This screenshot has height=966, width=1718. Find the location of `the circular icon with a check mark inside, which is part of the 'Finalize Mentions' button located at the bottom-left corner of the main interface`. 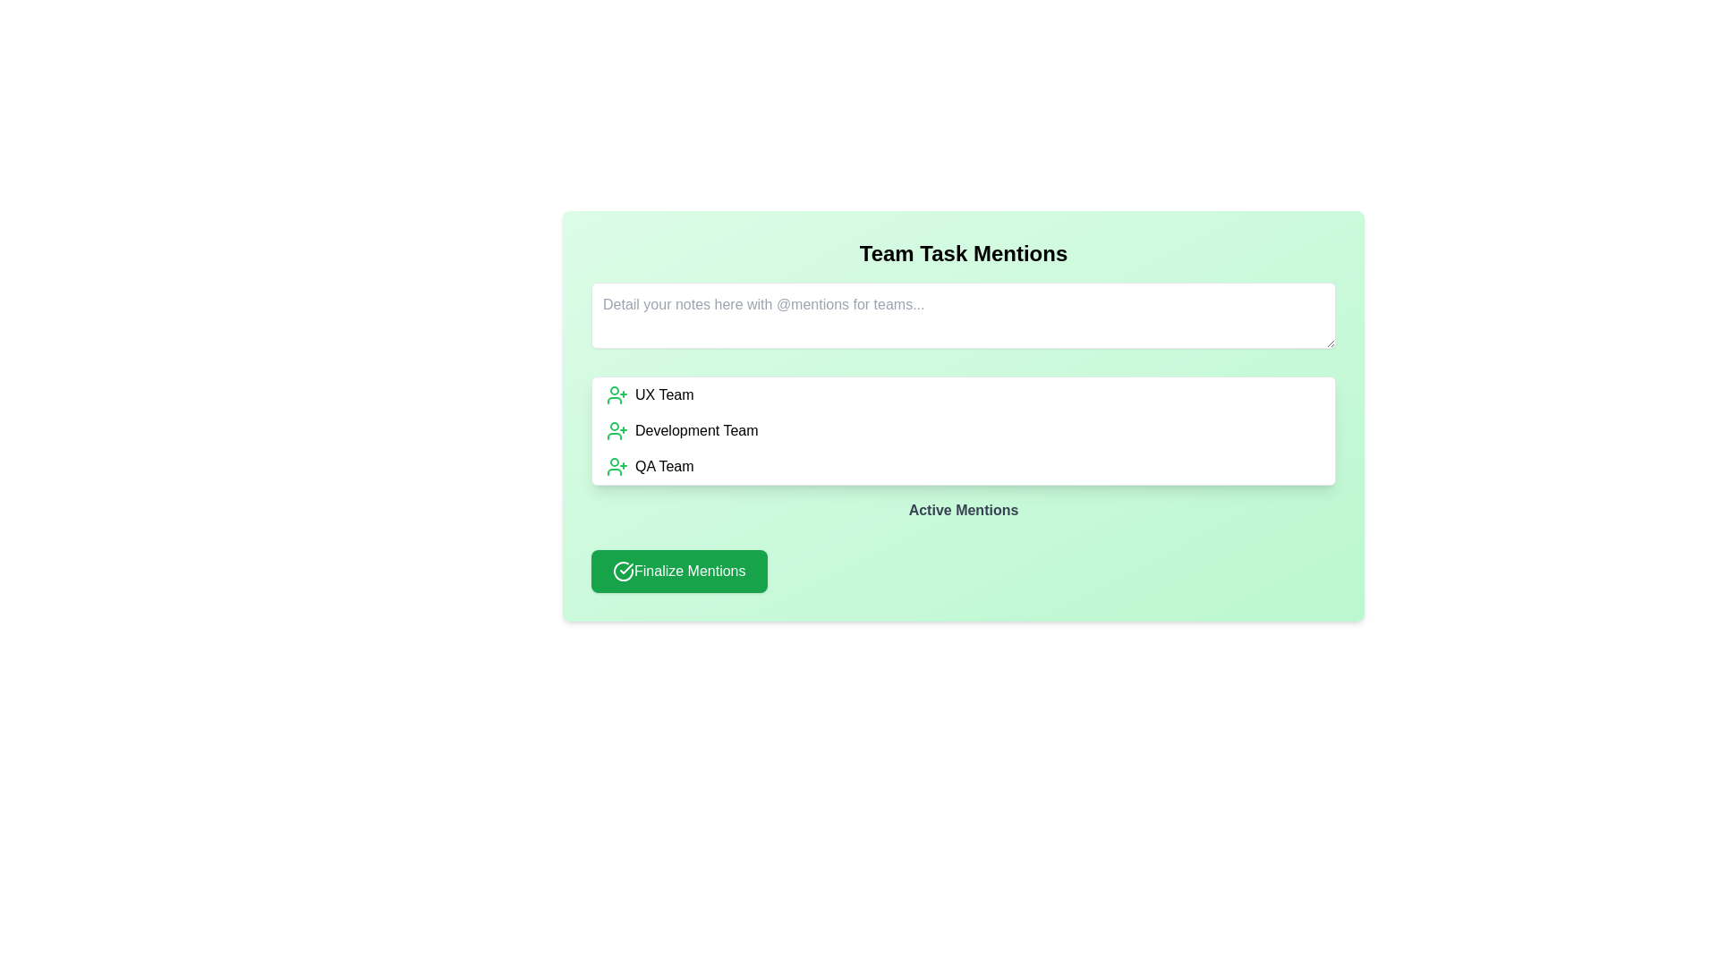

the circular icon with a check mark inside, which is part of the 'Finalize Mentions' button located at the bottom-left corner of the main interface is located at coordinates (623, 572).